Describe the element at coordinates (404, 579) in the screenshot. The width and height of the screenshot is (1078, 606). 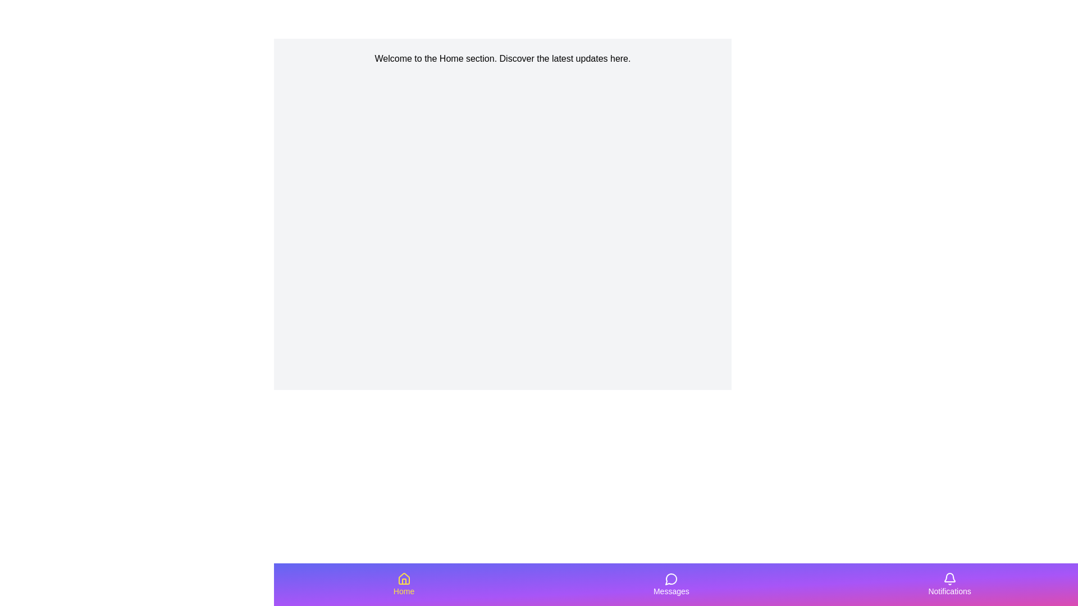
I see `the yellow house icon in line art style located above the 'Home' label in the bottom navigation bar` at that location.